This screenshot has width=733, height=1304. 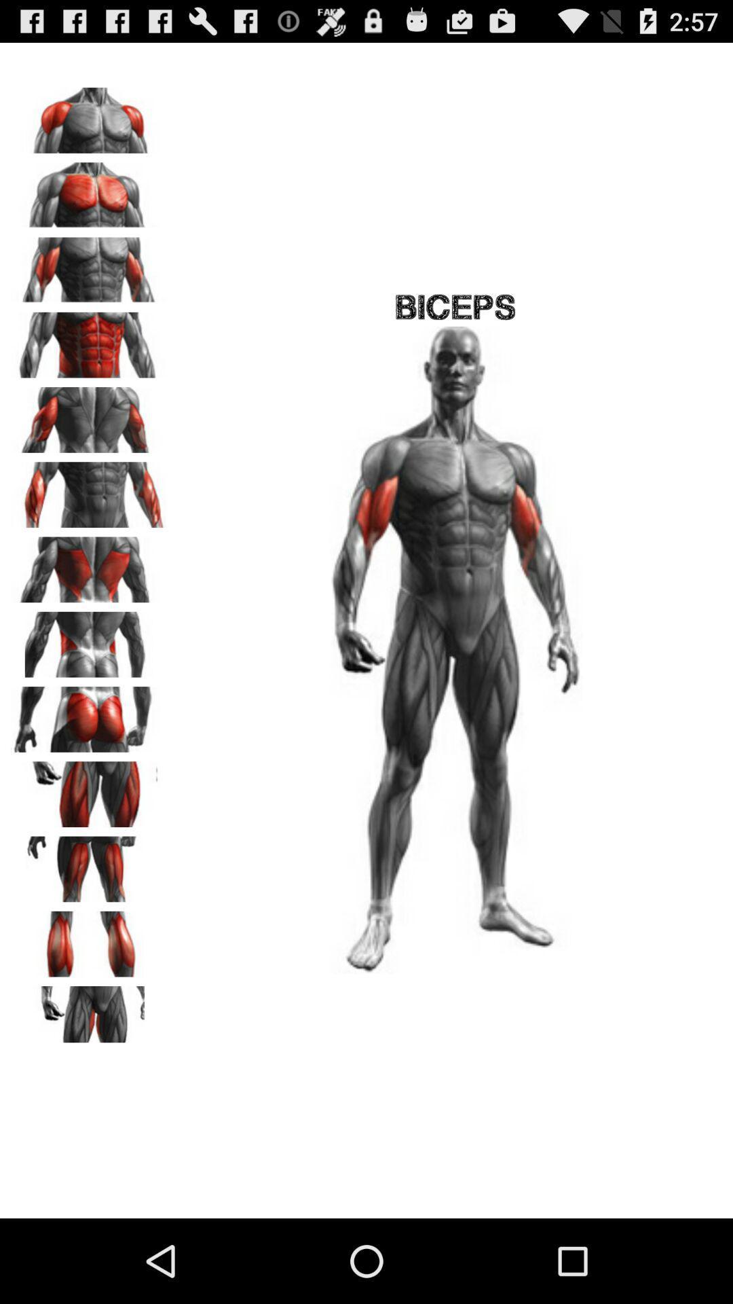 What do you see at coordinates (89, 714) in the screenshot?
I see `the muscle group` at bounding box center [89, 714].